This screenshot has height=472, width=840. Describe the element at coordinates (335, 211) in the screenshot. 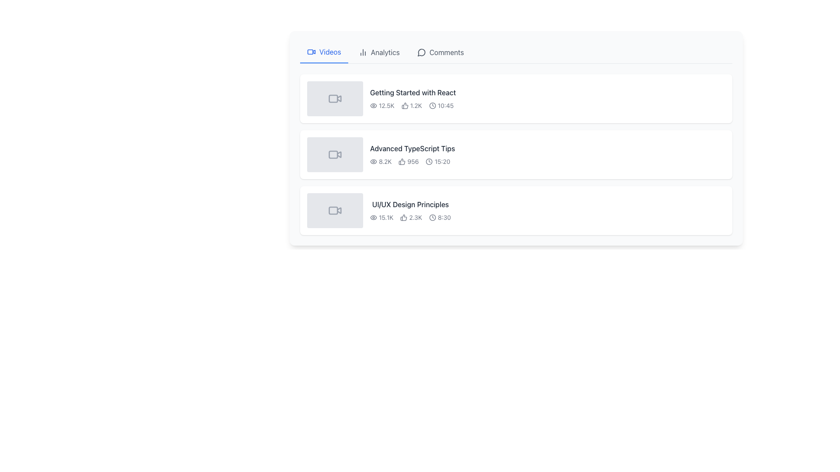

I see `the video thumbnail icon located in the bottommost row of the list, which is the leftmost component adjacent to the text 'UI/UX Design Principles'` at that location.